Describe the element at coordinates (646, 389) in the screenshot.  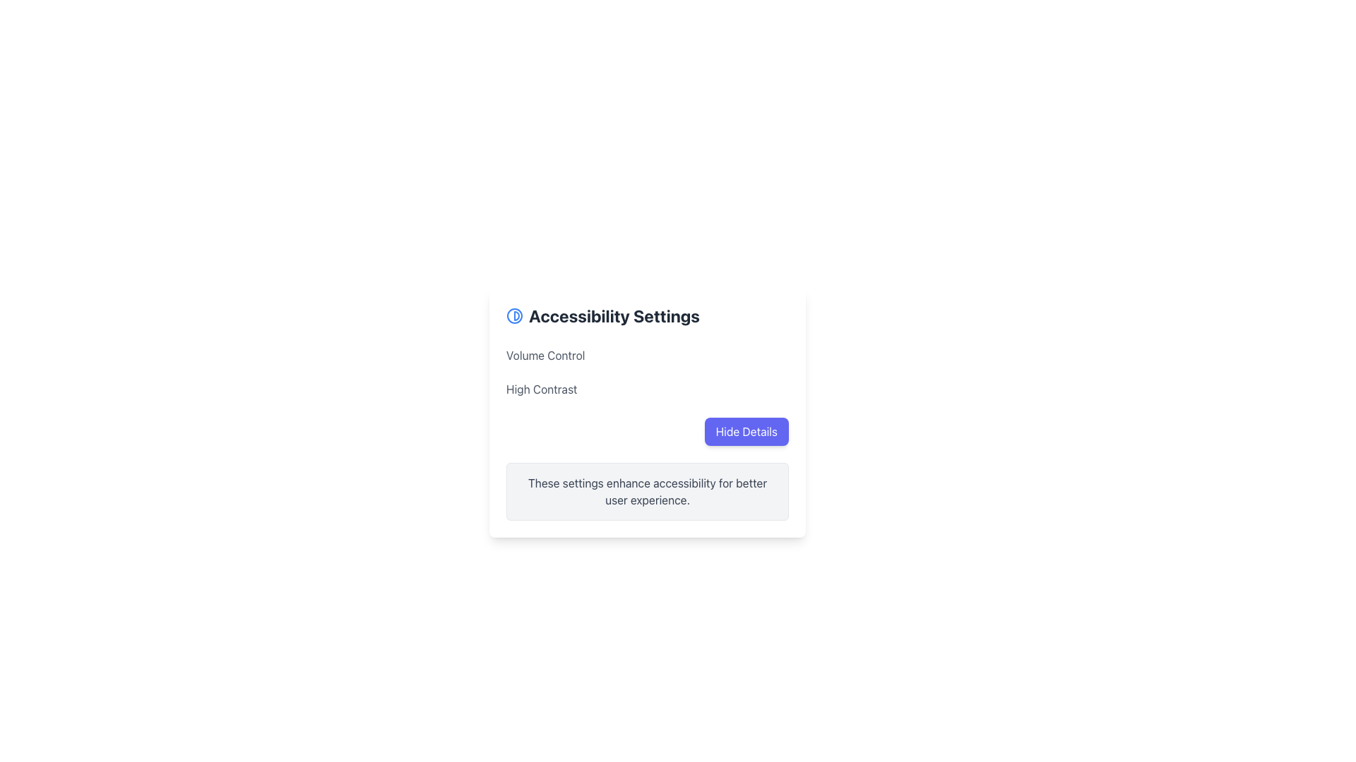
I see `the toggle switch labeled 'Disabled' for 'High Contrast' in the Accessibility Settings to change its state` at that location.